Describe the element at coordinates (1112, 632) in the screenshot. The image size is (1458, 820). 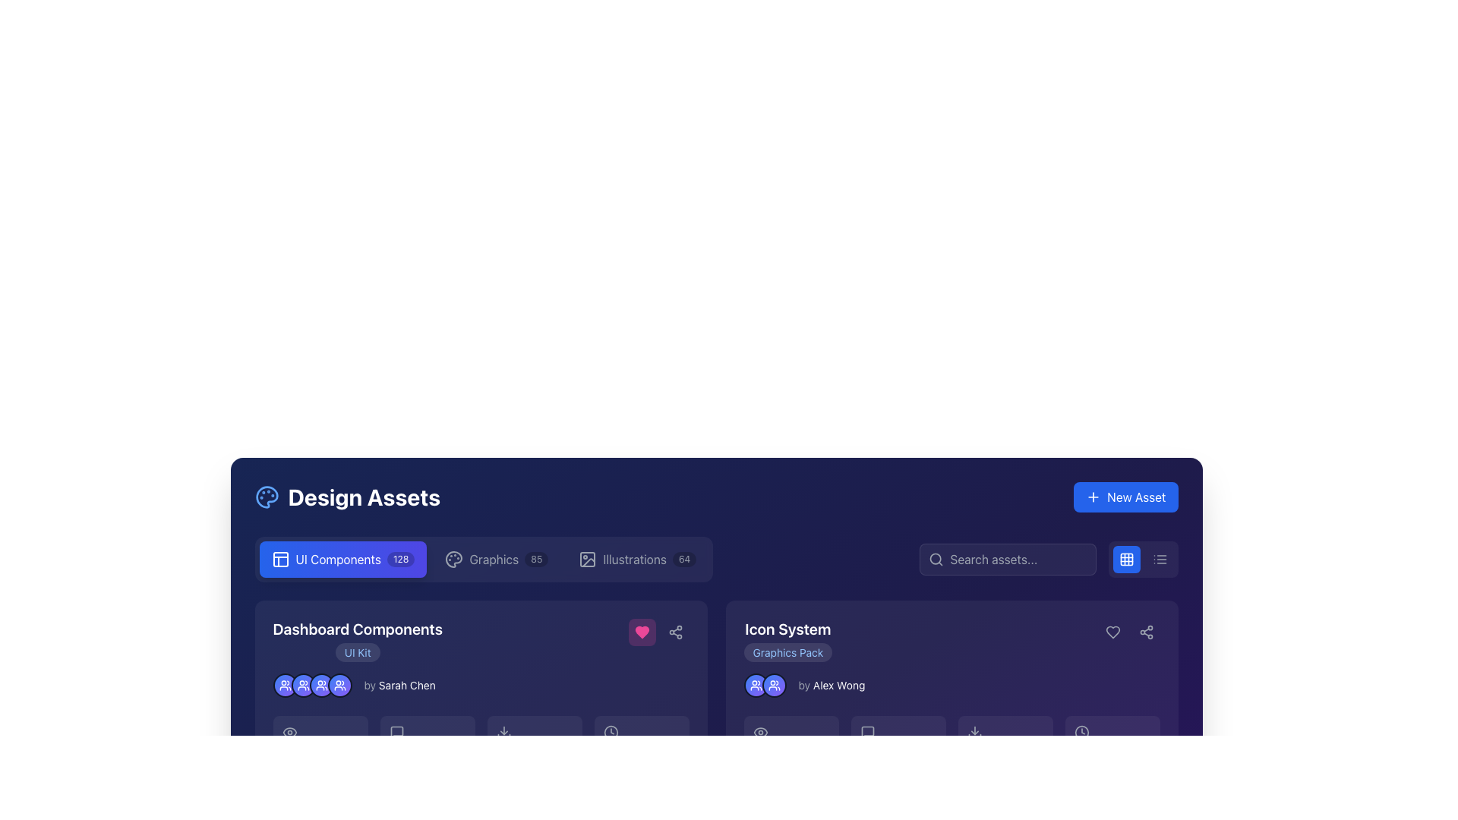
I see `the heart icon button, which is styled with a thin outline and symbolizes favoriting or liking, located to the right of the 'Icon System' card in the 'Design Assets' layout` at that location.